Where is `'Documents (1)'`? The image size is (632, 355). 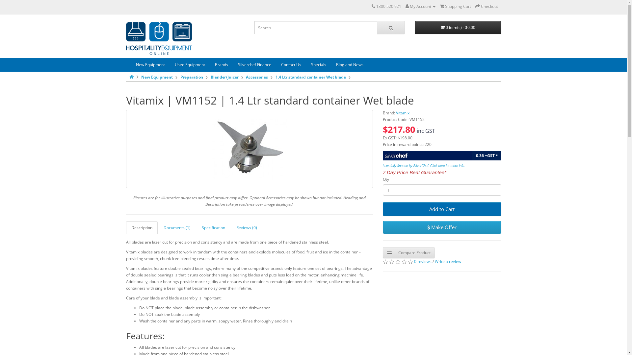
'Documents (1)' is located at coordinates (177, 227).